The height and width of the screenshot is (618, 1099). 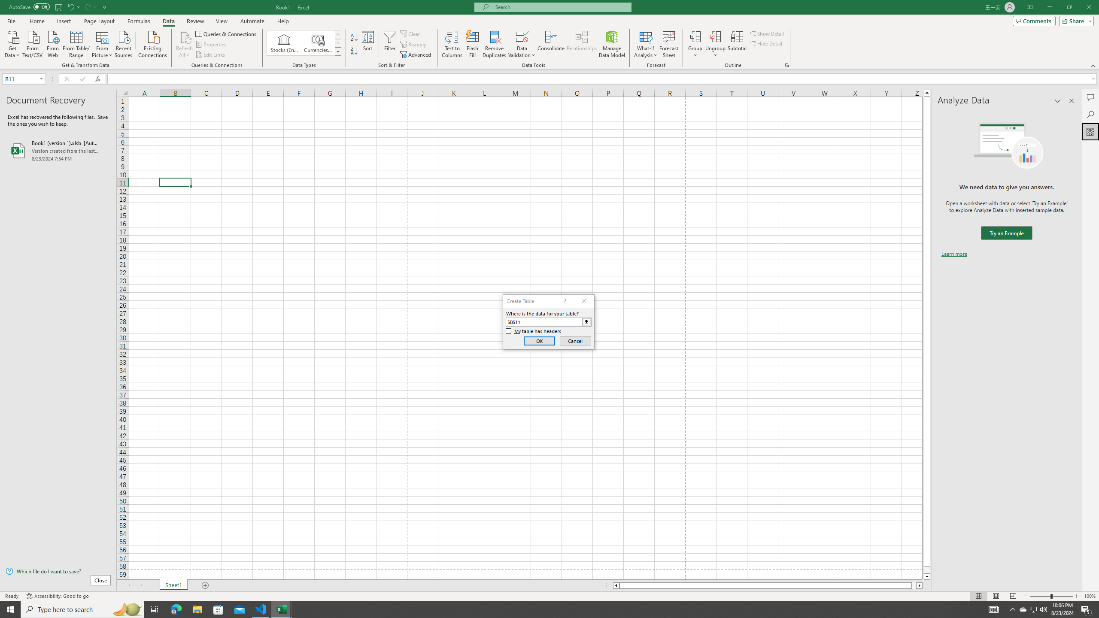 I want to click on 'Consolidate...', so click(x=551, y=44).